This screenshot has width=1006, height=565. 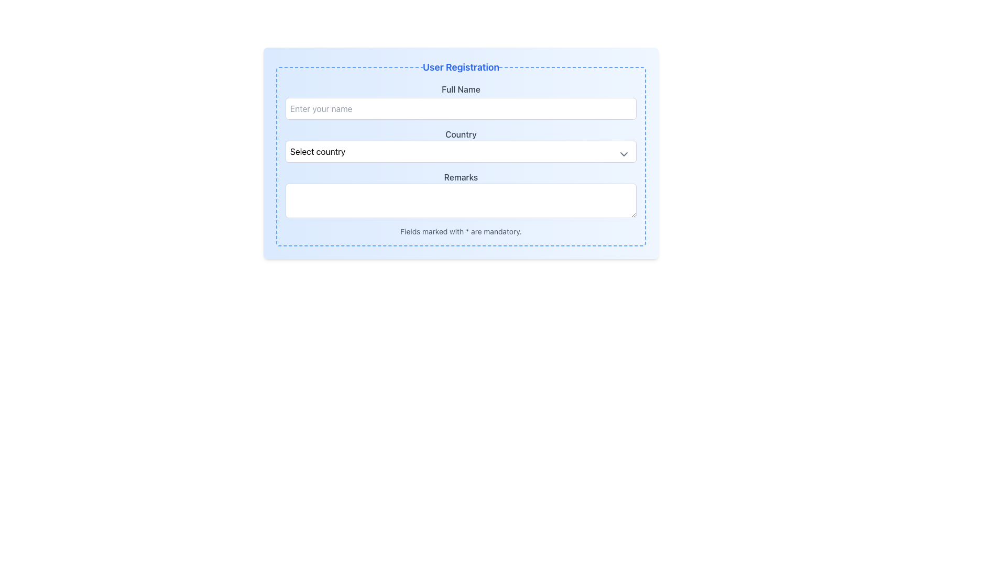 What do you see at coordinates (461, 231) in the screenshot?
I see `the text label that displays the message 'Fields marked with * are mandatory.' located at the bottom of the user registration form` at bounding box center [461, 231].